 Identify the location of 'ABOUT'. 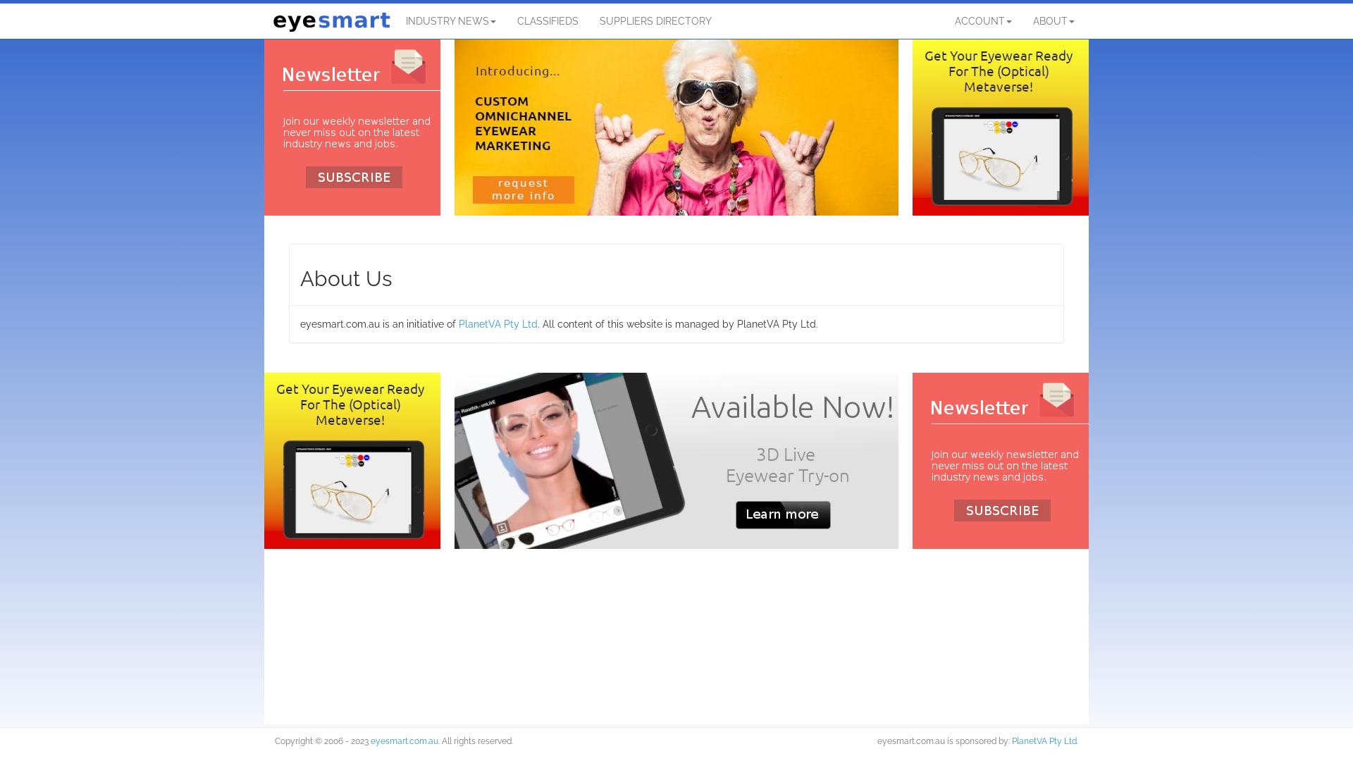
(1054, 21).